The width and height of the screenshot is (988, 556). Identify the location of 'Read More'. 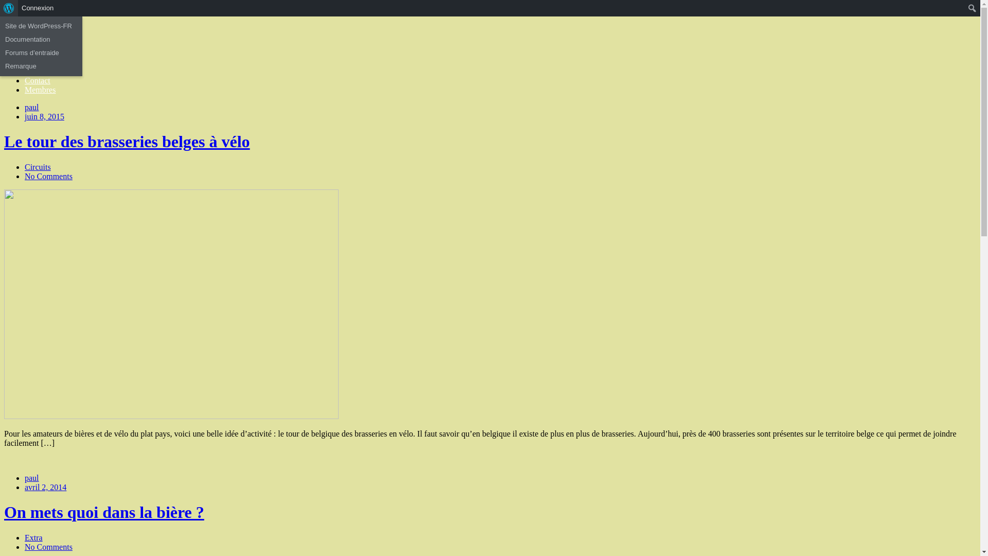
(23, 460).